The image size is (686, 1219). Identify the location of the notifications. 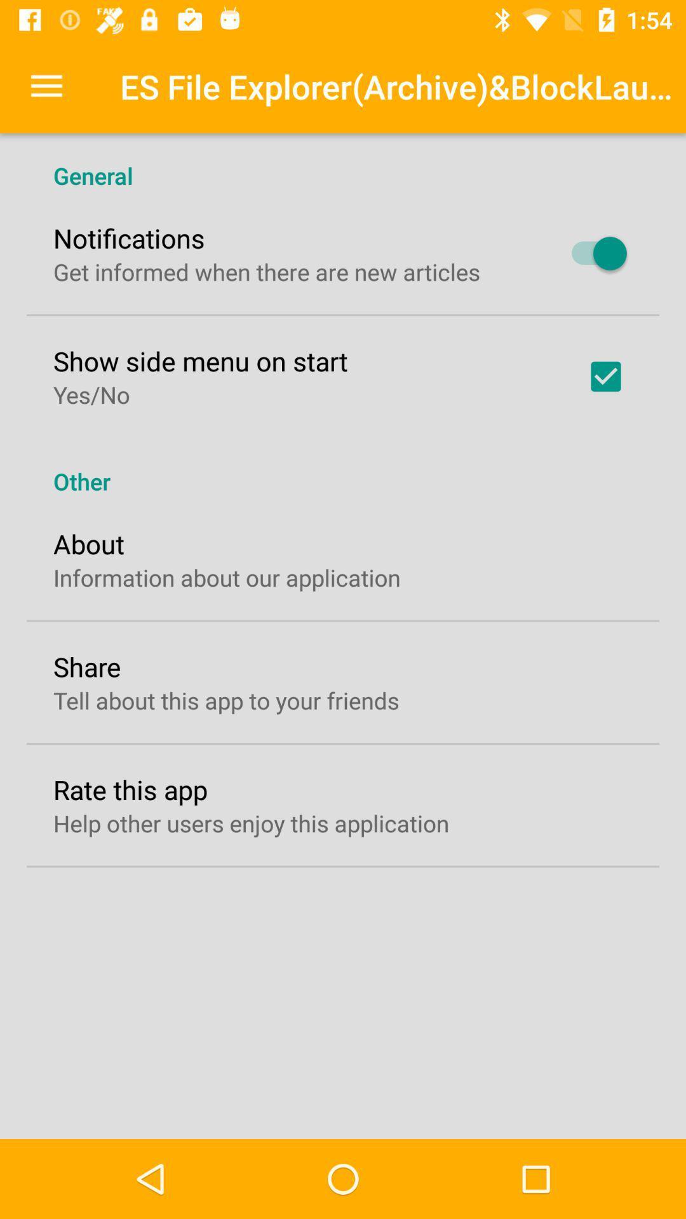
(129, 237).